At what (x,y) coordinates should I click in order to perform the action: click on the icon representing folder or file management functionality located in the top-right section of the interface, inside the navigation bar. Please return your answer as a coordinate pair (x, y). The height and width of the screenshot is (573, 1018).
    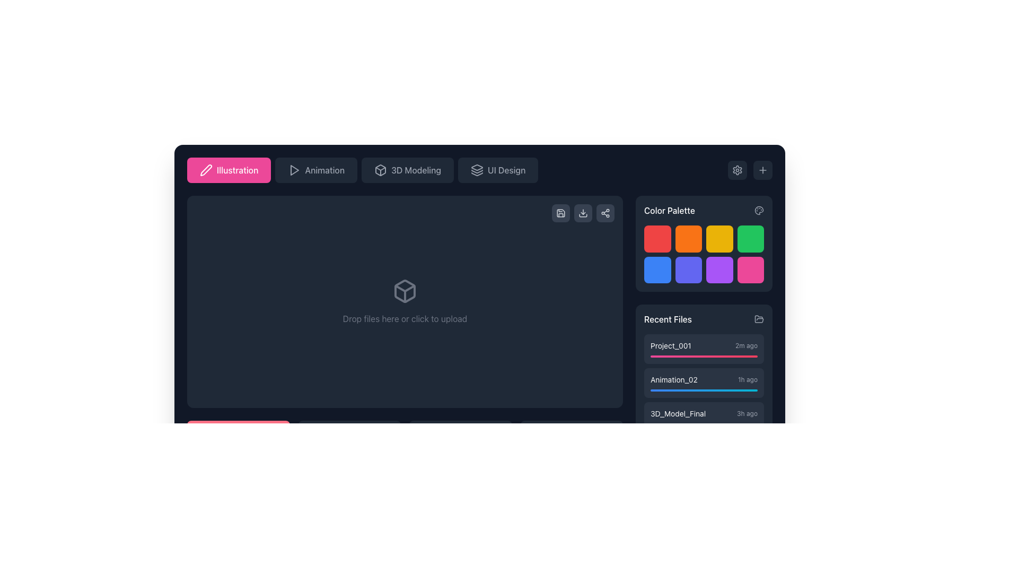
    Looking at the image, I should click on (758, 318).